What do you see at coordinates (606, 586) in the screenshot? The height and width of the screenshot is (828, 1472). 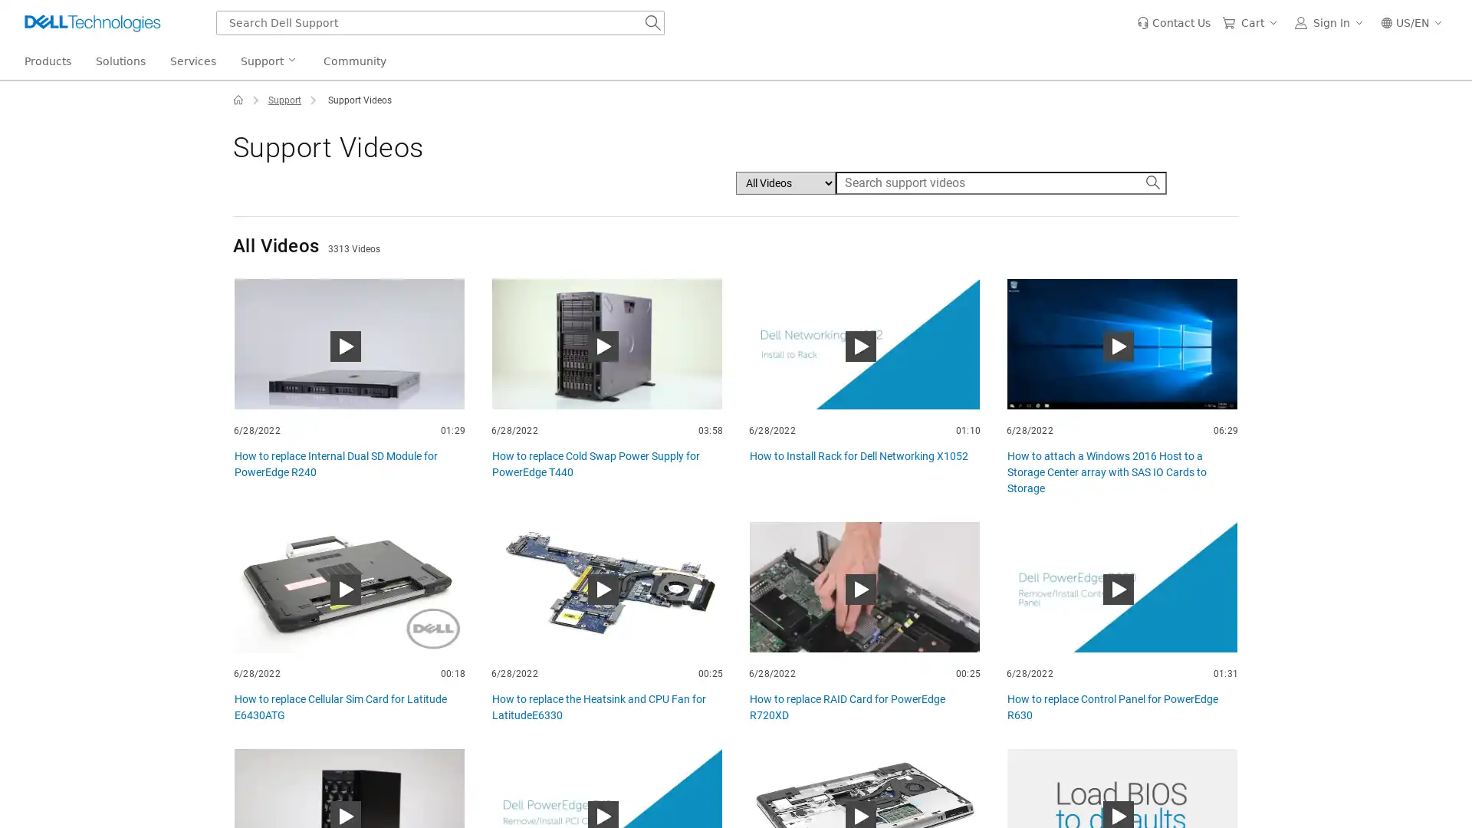 I see `How to replace the Heatsink and CPU Fan for LatitudeE6330 Play` at bounding box center [606, 586].